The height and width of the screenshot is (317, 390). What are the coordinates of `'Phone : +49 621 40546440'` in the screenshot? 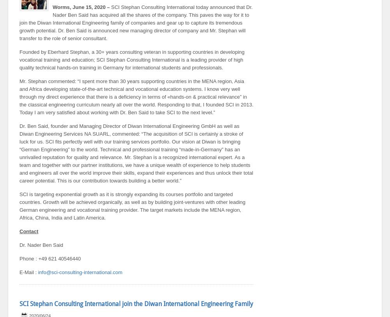 It's located at (19, 259).